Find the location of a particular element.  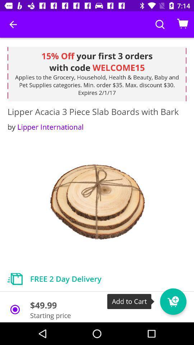

the by lipper international is located at coordinates (45, 127).